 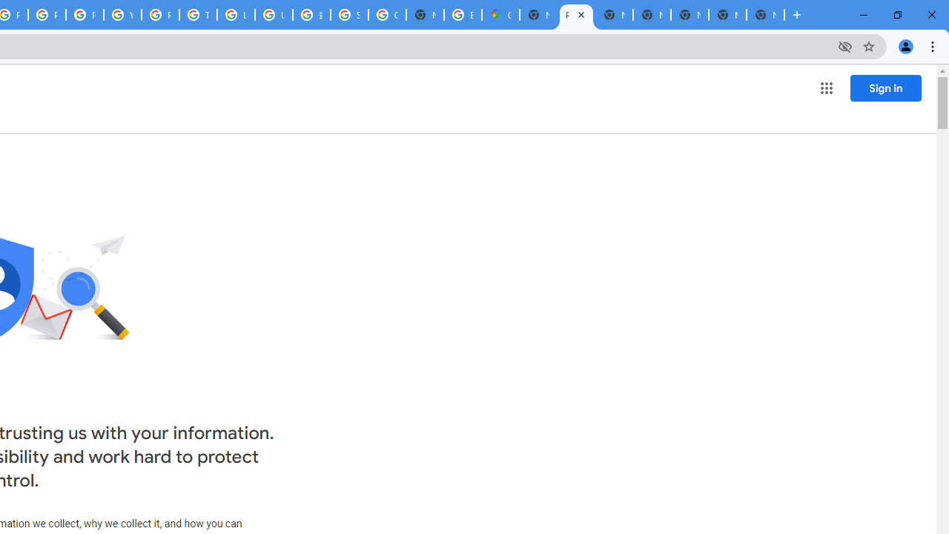 What do you see at coordinates (47, 15) in the screenshot?
I see `'Privacy Help Center - Policies Help'` at bounding box center [47, 15].